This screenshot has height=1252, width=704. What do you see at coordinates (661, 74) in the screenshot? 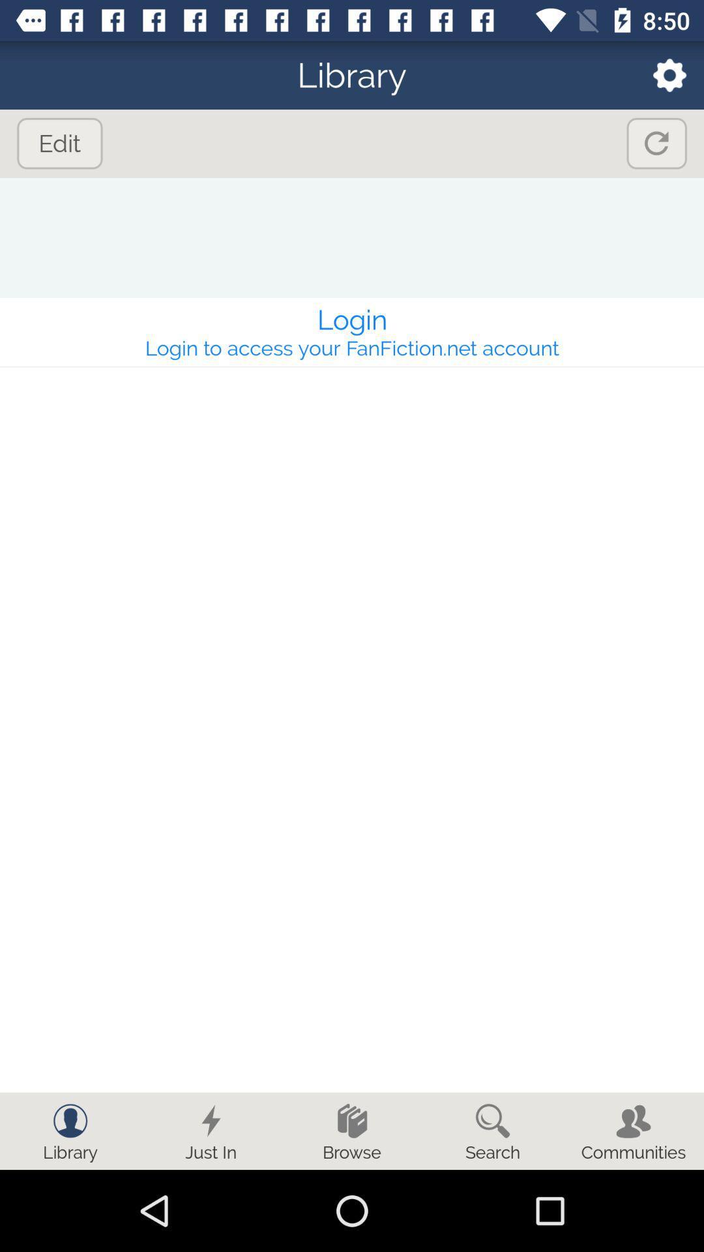
I see `open settings` at bounding box center [661, 74].